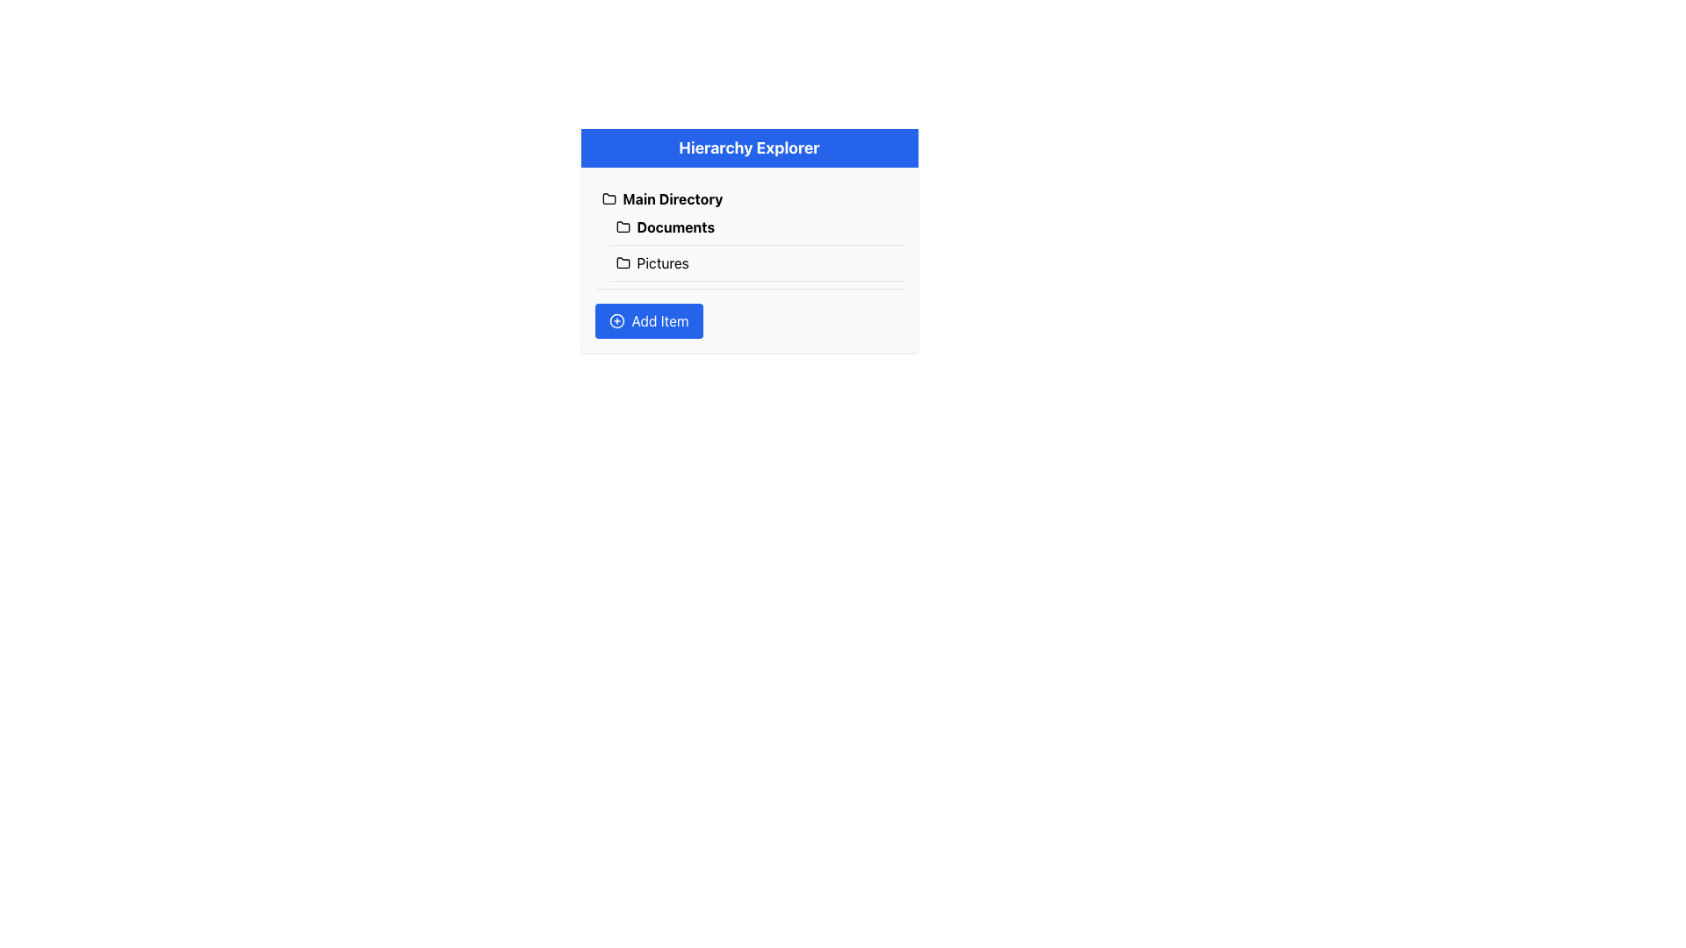  Describe the element at coordinates (661, 263) in the screenshot. I see `the 'Pictures' text label` at that location.